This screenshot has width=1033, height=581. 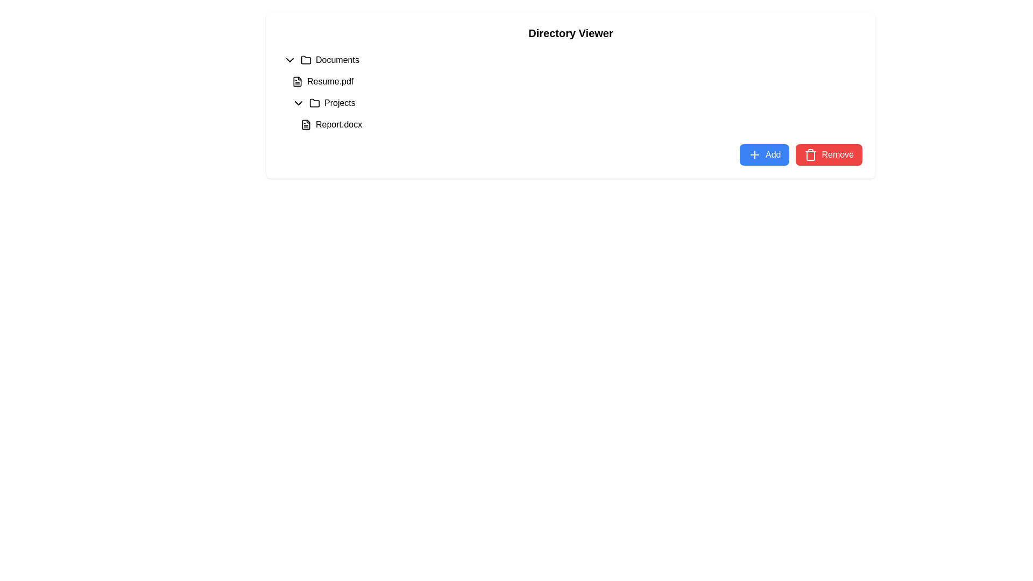 I want to click on the folder icon located to the right of the arrow icon and before the text label in the 'Documents' section, so click(x=306, y=60).